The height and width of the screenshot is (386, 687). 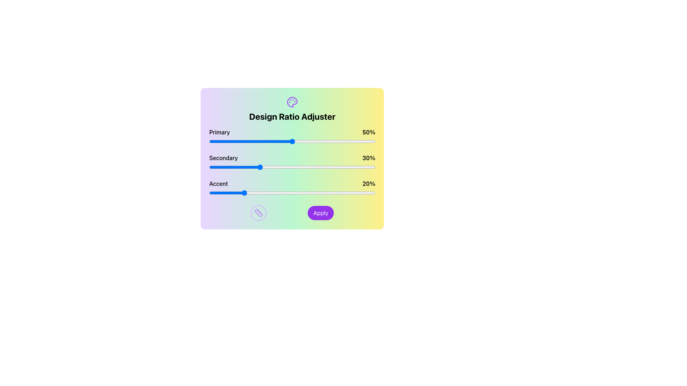 I want to click on the slider, so click(x=222, y=167).